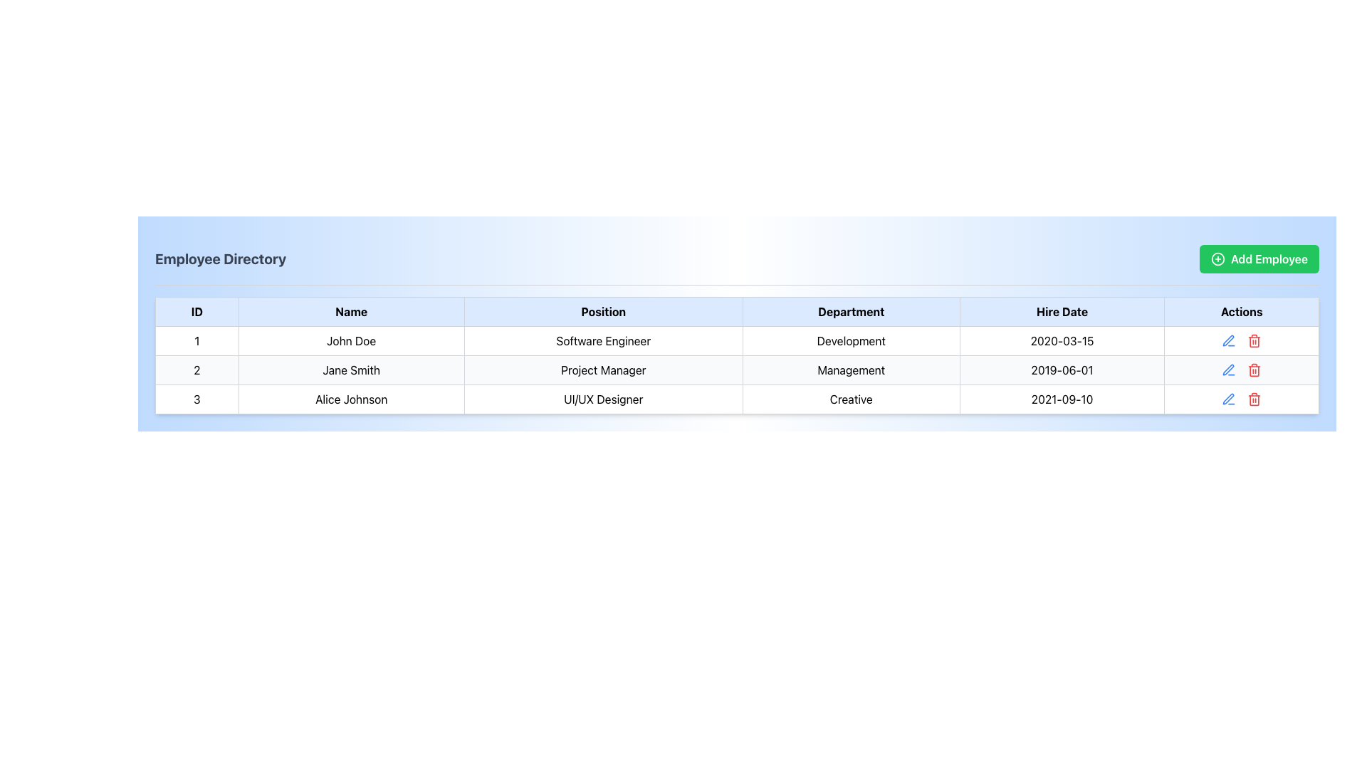 This screenshot has width=1367, height=769. What do you see at coordinates (603, 340) in the screenshot?
I see `the text label displaying 'Software Engineer' in the 'Position' column of the table corresponding to 'John Doe' row` at bounding box center [603, 340].